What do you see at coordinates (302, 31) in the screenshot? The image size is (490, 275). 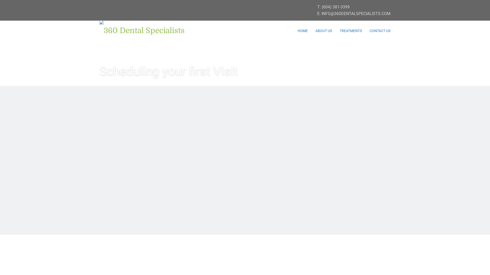 I see `'HOME'` at bounding box center [302, 31].